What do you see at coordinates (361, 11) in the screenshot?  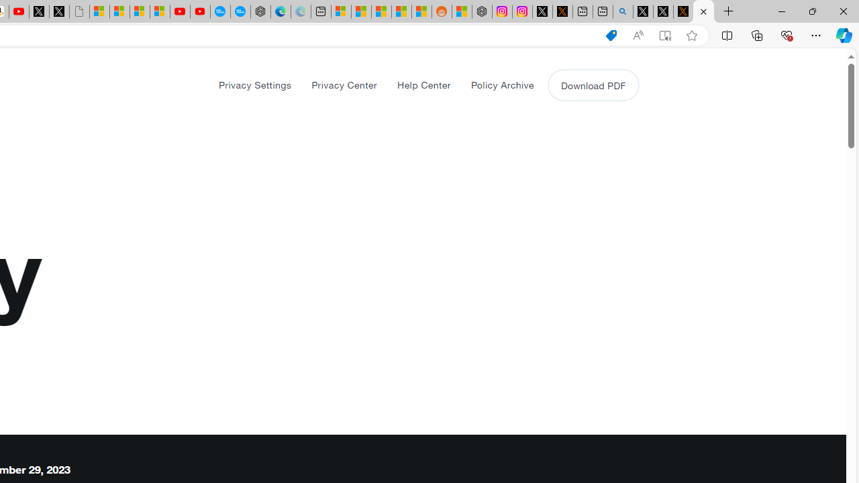 I see `'Shanghai, China weather forecast | Microsoft Weather'` at bounding box center [361, 11].